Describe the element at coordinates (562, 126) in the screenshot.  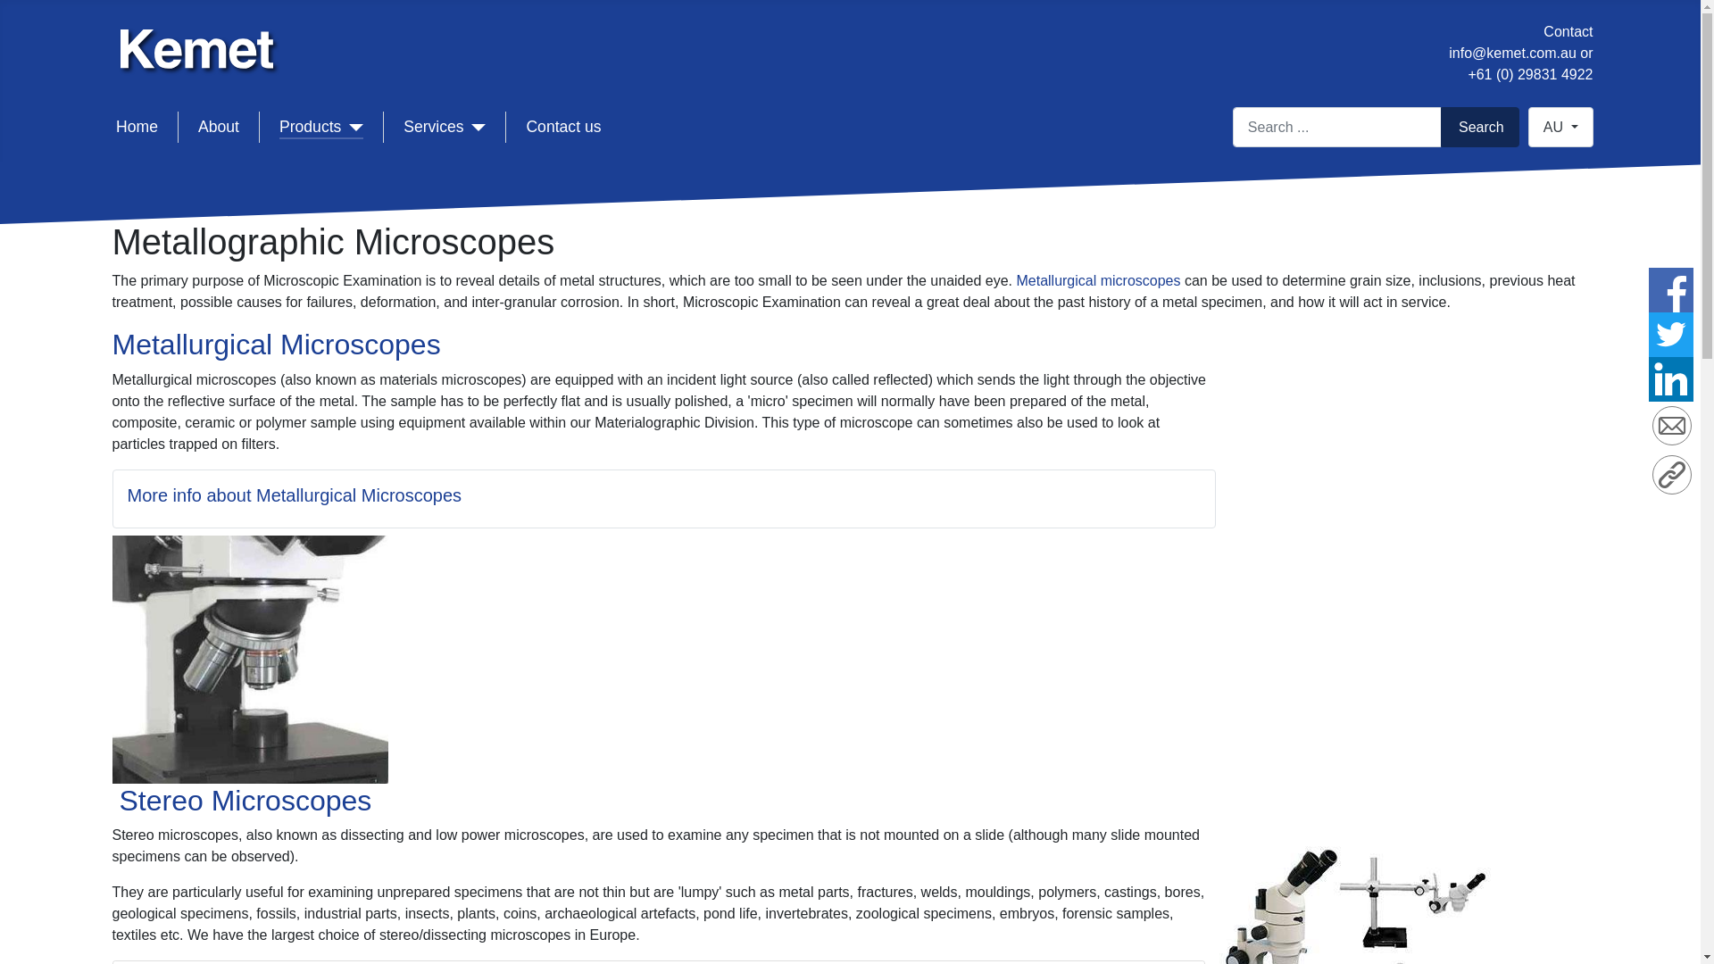
I see `'Contact us'` at that location.